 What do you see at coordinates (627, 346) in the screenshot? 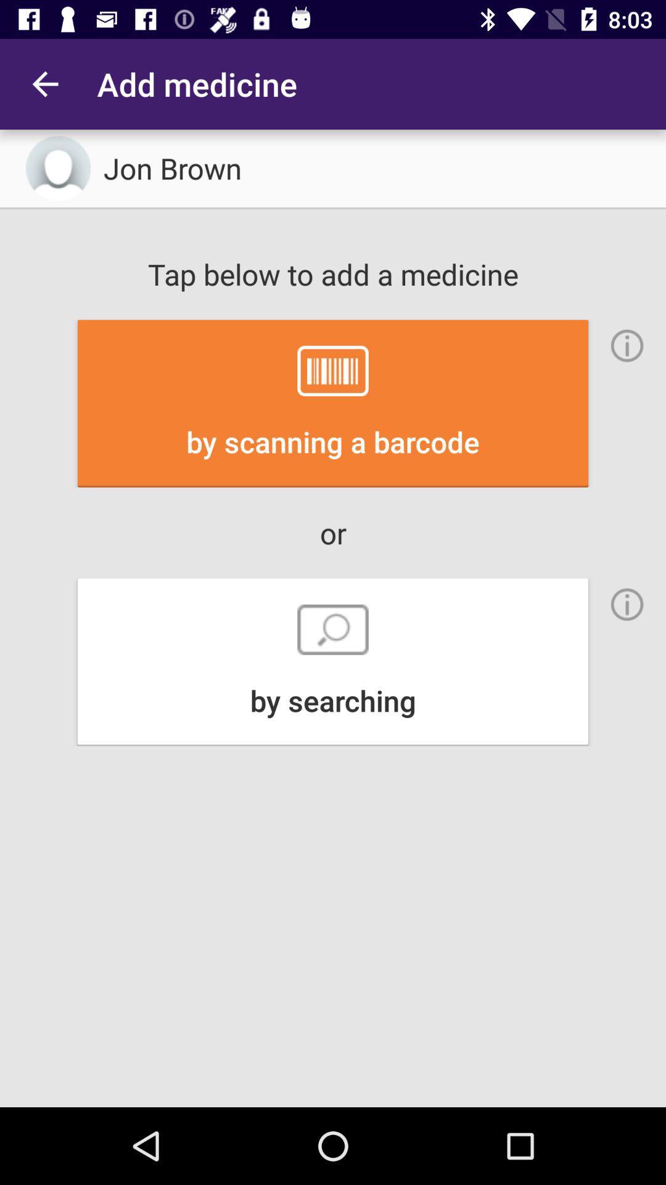
I see `info button` at bounding box center [627, 346].